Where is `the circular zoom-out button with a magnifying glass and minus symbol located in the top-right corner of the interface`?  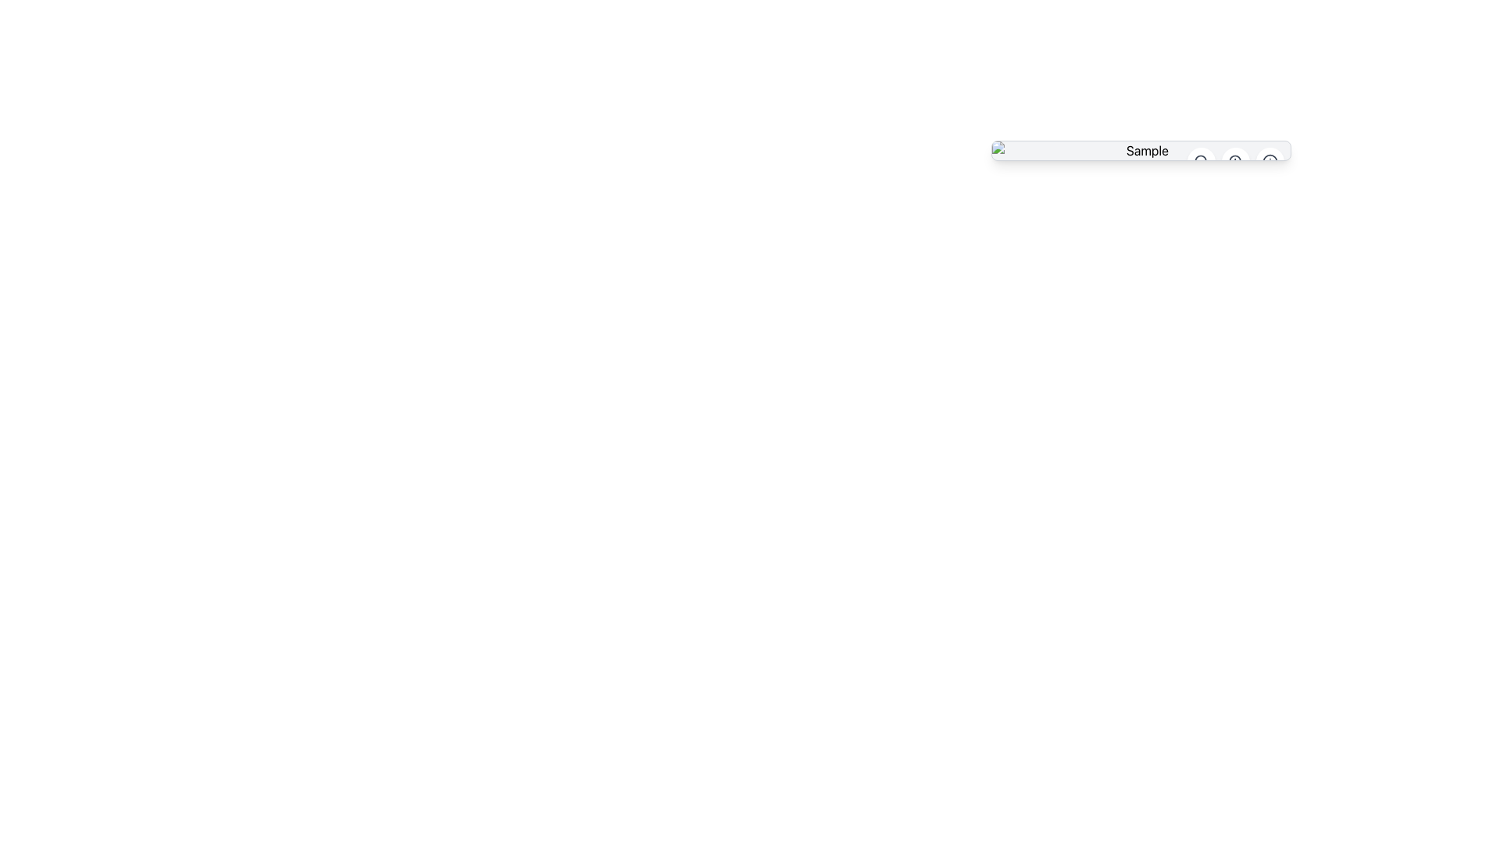
the circular zoom-out button with a magnifying glass and minus symbol located in the top-right corner of the interface is located at coordinates (1200, 162).